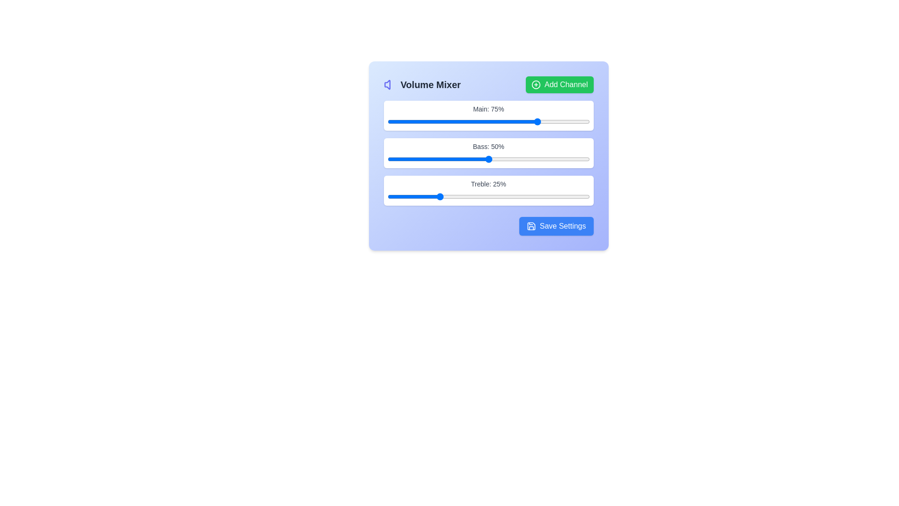  I want to click on the treble level, so click(506, 196).